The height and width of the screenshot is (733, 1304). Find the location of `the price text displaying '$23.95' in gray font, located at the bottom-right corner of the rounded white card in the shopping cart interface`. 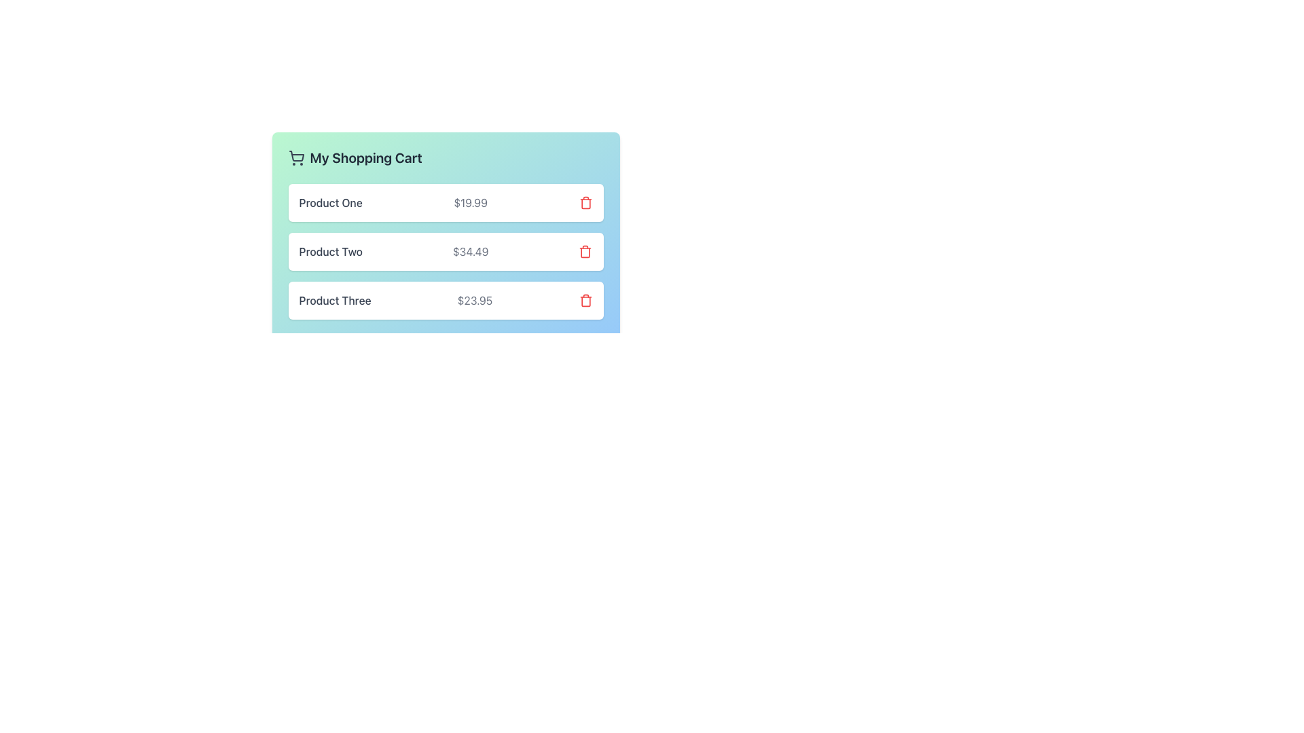

the price text displaying '$23.95' in gray font, located at the bottom-right corner of the rounded white card in the shopping cart interface is located at coordinates (475, 300).